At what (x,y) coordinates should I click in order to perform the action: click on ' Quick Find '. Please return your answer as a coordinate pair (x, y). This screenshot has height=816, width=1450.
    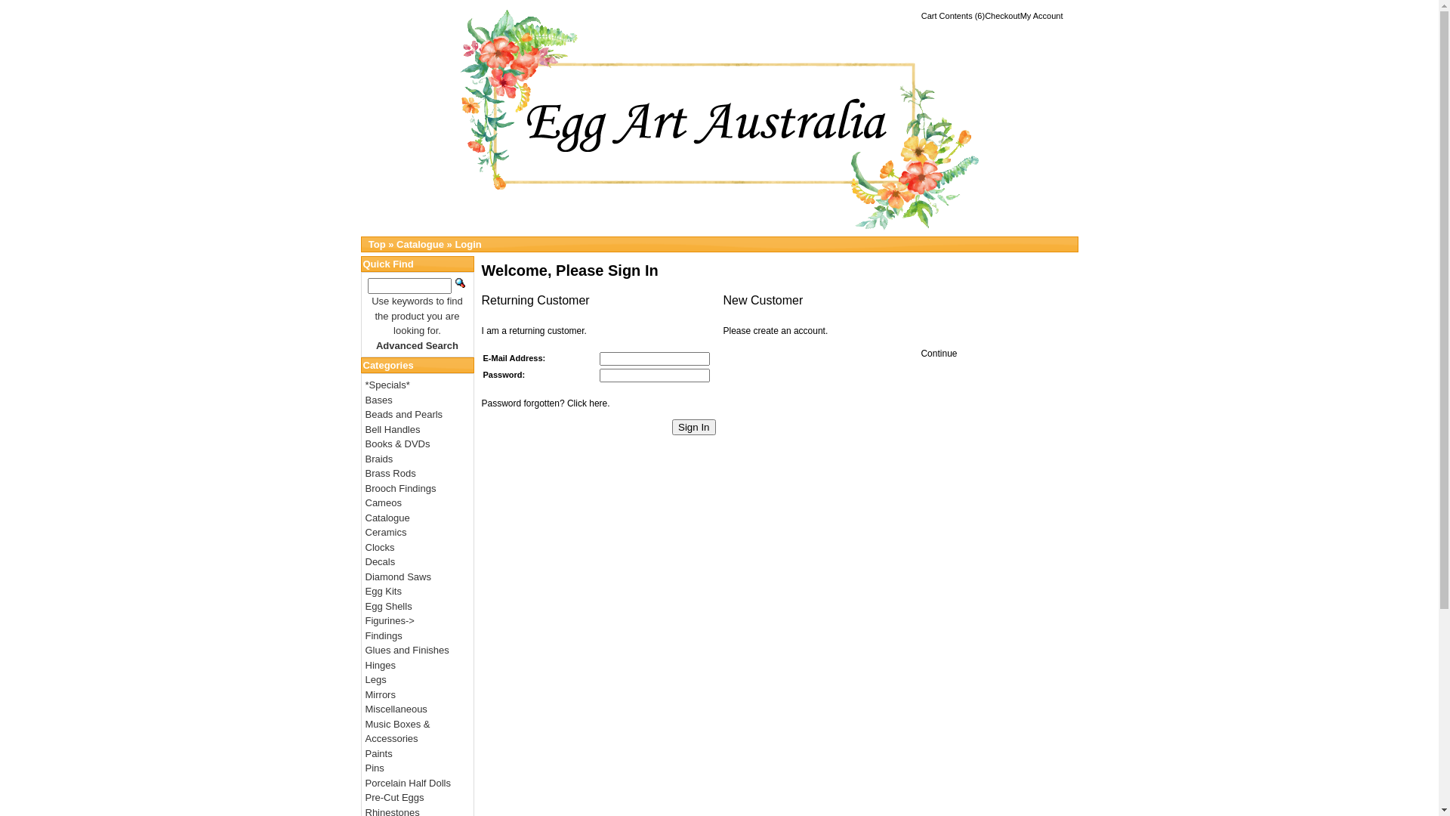
    Looking at the image, I should click on (459, 283).